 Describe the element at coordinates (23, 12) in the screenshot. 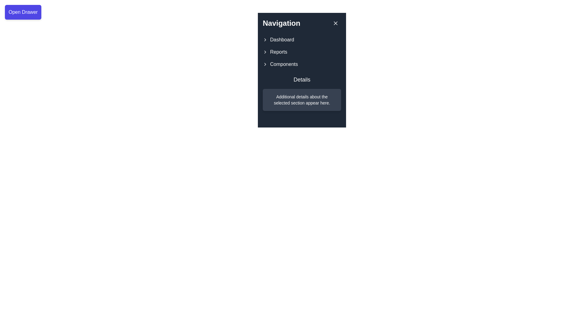

I see `the button in the top-left corner of the interface` at that location.